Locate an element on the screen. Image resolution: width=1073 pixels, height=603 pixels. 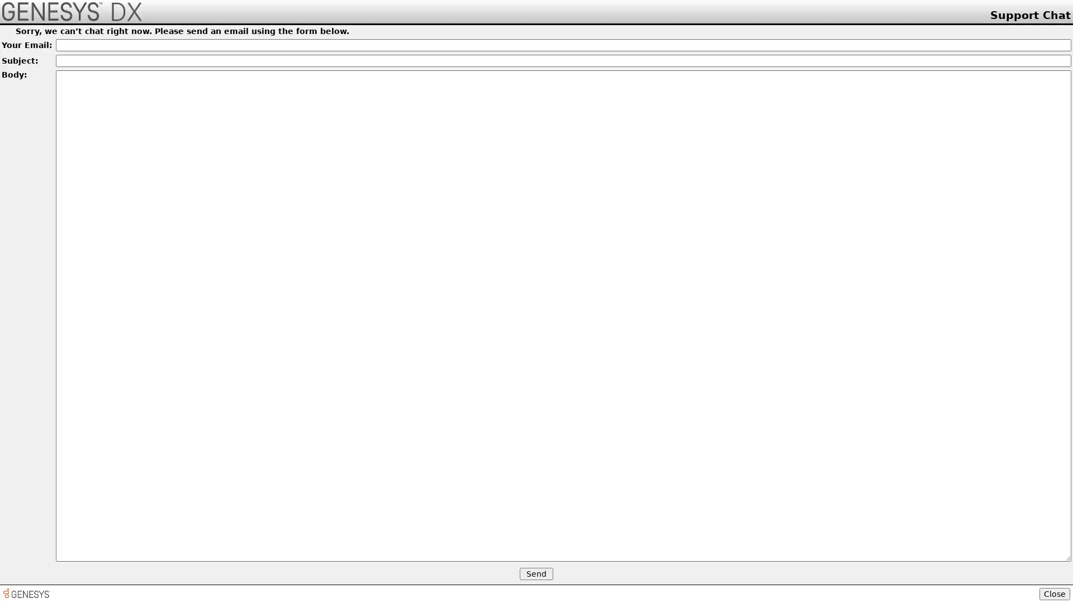
Close is located at coordinates (1054, 594).